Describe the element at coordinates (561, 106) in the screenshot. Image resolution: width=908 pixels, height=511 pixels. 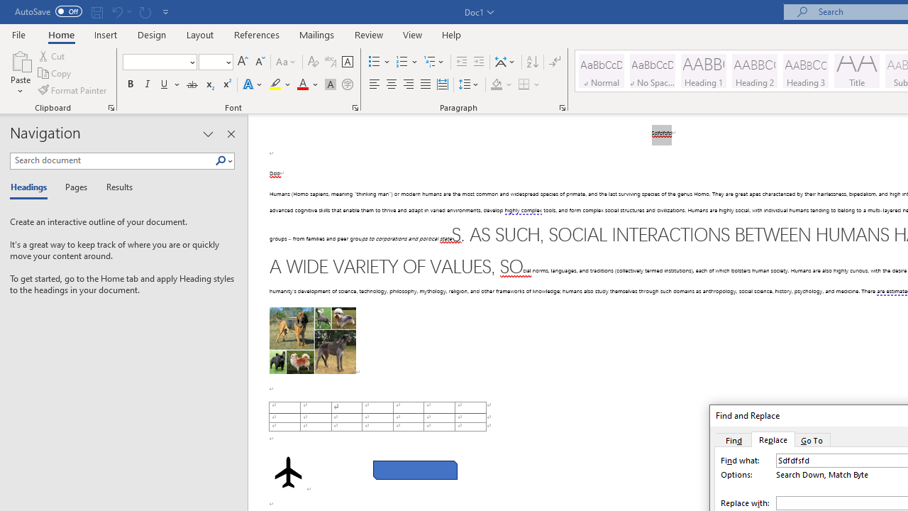
I see `'Paragraph...'` at that location.